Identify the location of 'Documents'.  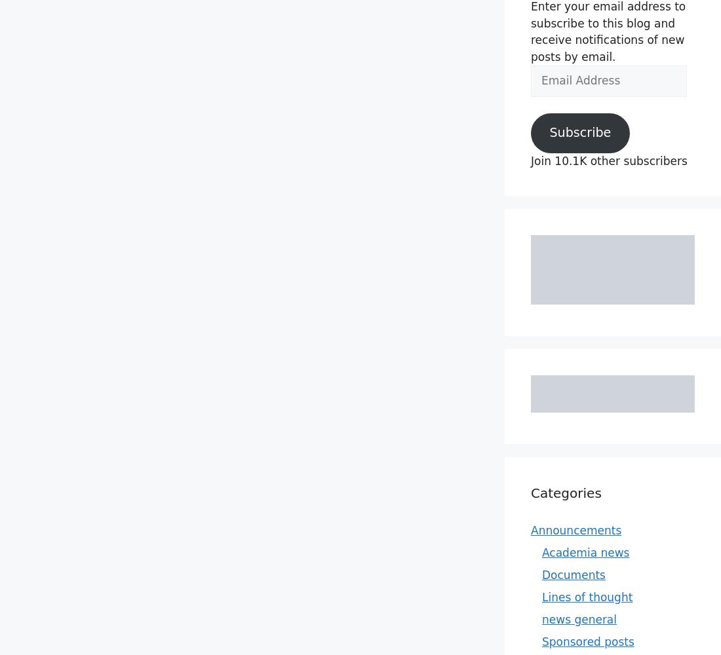
(573, 574).